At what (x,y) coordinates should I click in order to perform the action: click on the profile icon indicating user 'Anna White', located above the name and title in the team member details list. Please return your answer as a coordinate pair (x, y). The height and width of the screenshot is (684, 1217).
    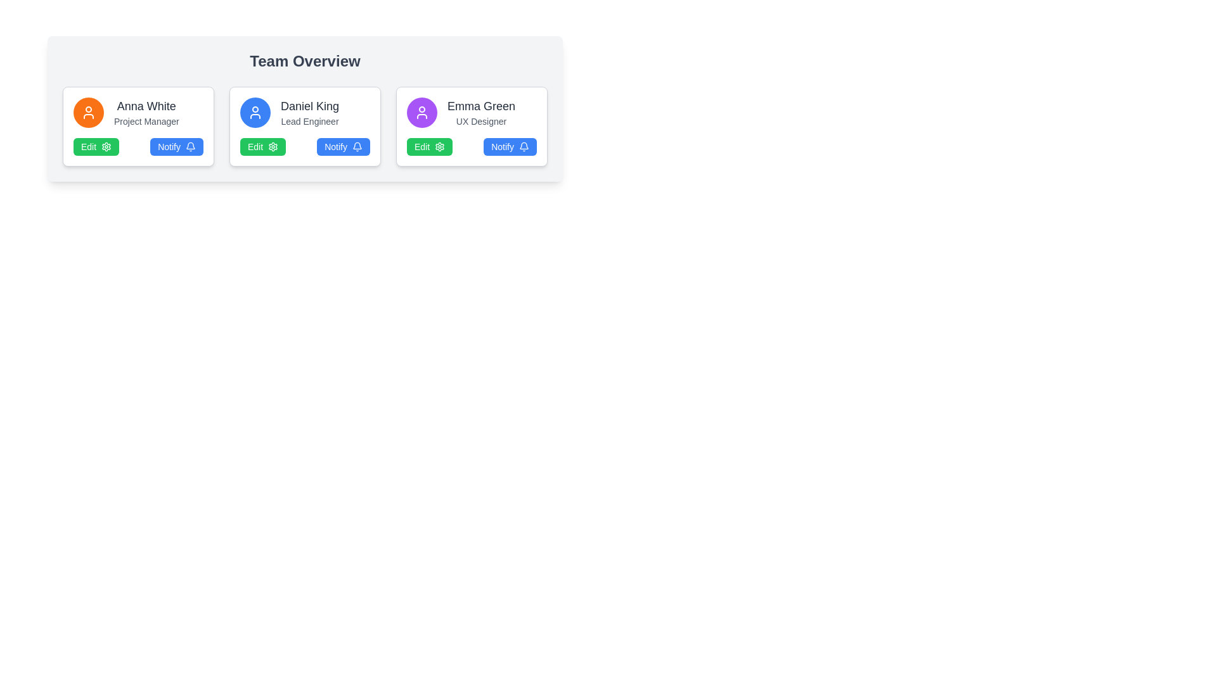
    Looking at the image, I should click on (87, 111).